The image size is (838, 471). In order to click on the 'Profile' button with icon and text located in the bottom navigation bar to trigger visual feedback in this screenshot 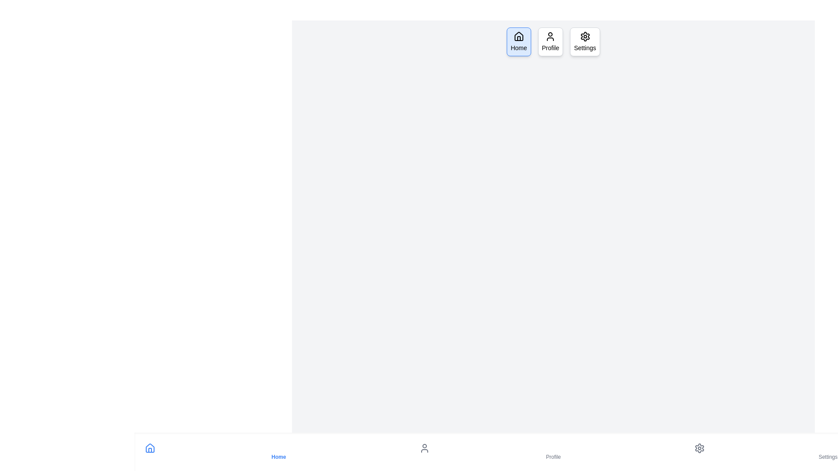, I will do `click(553, 451)`.